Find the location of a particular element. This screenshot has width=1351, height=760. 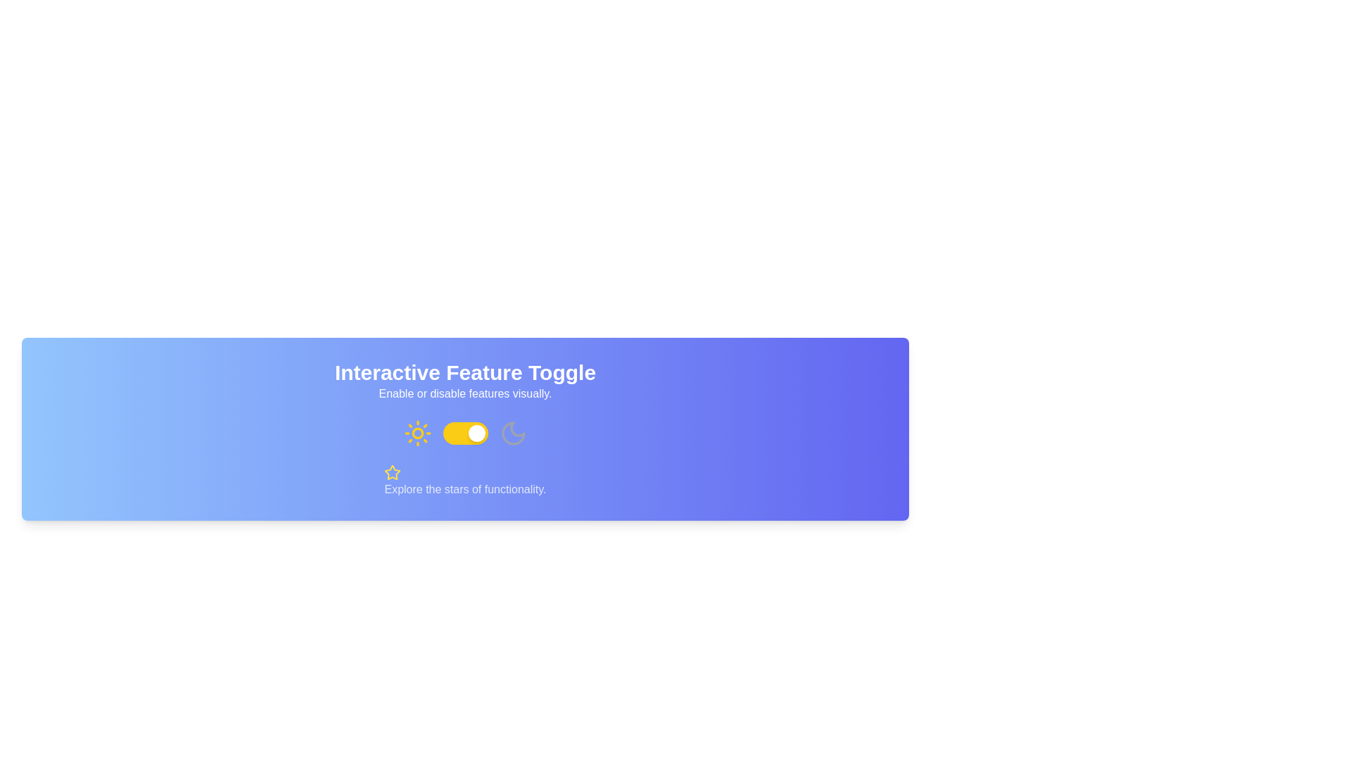

the 'light' or 'day' mode toggle icon, which is positioned to the left of a yellow toggle switch and followed by a gray moon icon is located at coordinates (417, 433).